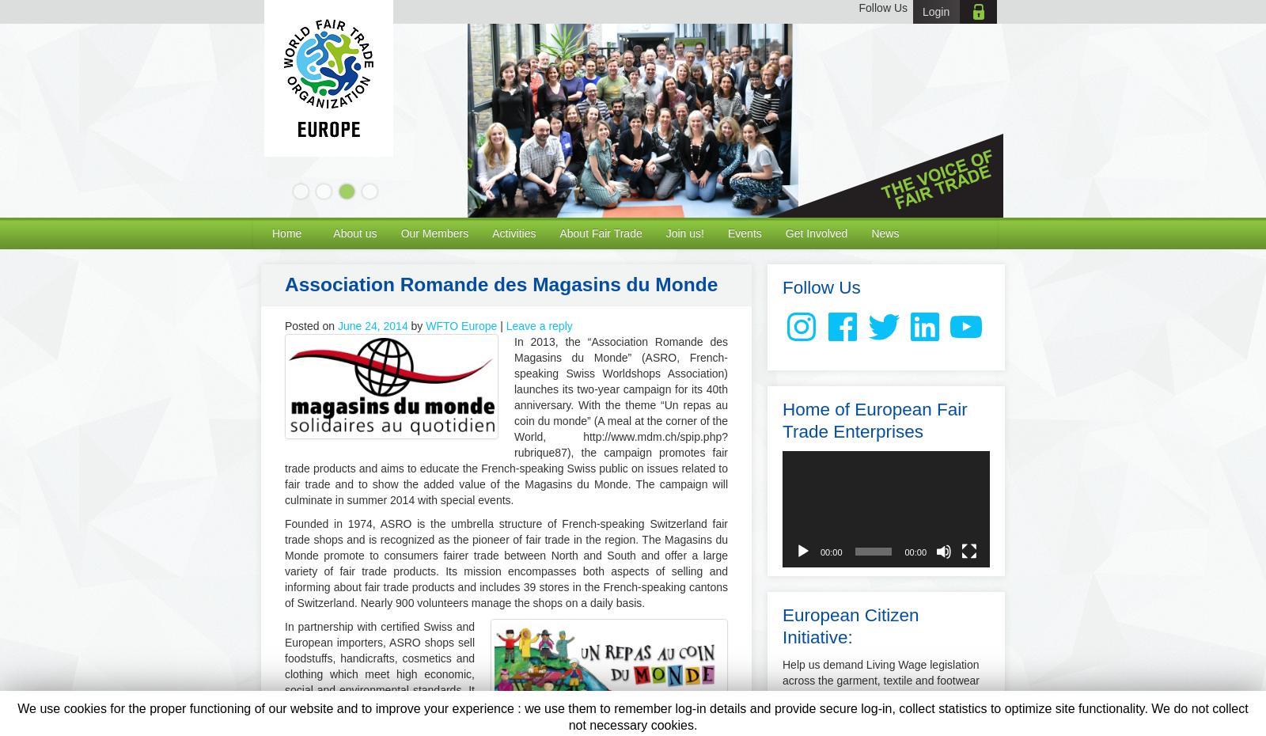 This screenshot has width=1266, height=736. I want to click on 'Posted on', so click(310, 325).